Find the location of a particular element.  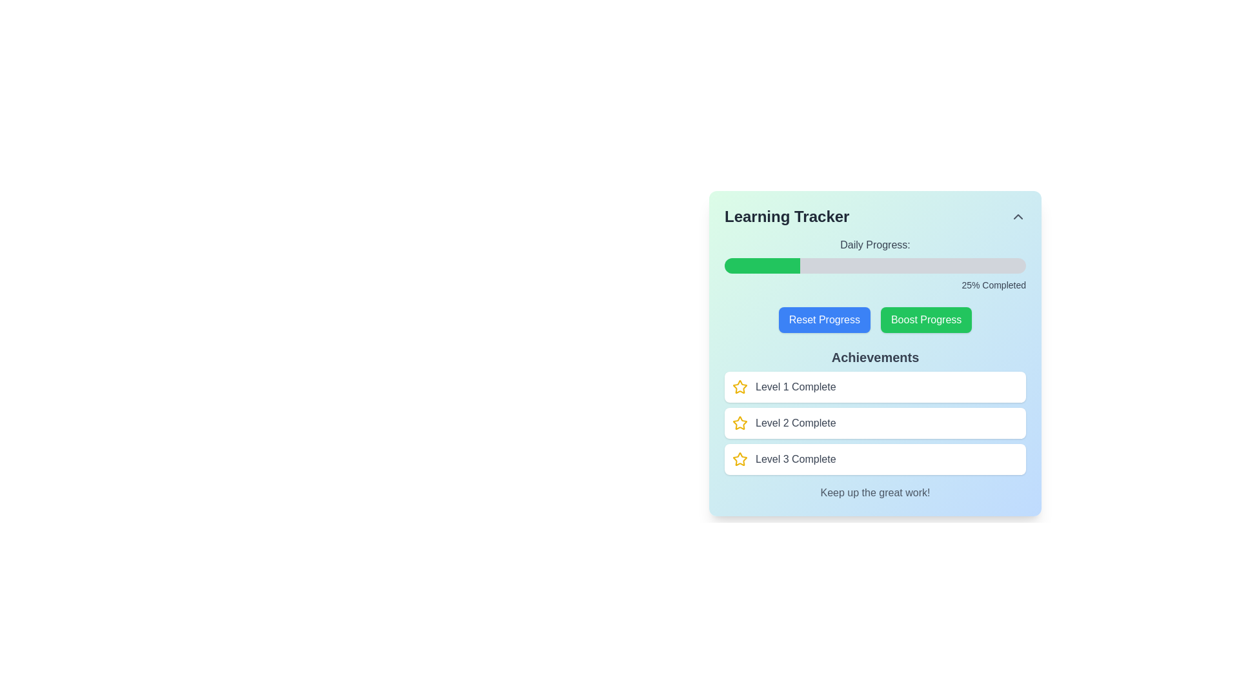

the leftmost segment of the progress bar, which indicates 20% completion towards the daily goal is located at coordinates (754, 265).